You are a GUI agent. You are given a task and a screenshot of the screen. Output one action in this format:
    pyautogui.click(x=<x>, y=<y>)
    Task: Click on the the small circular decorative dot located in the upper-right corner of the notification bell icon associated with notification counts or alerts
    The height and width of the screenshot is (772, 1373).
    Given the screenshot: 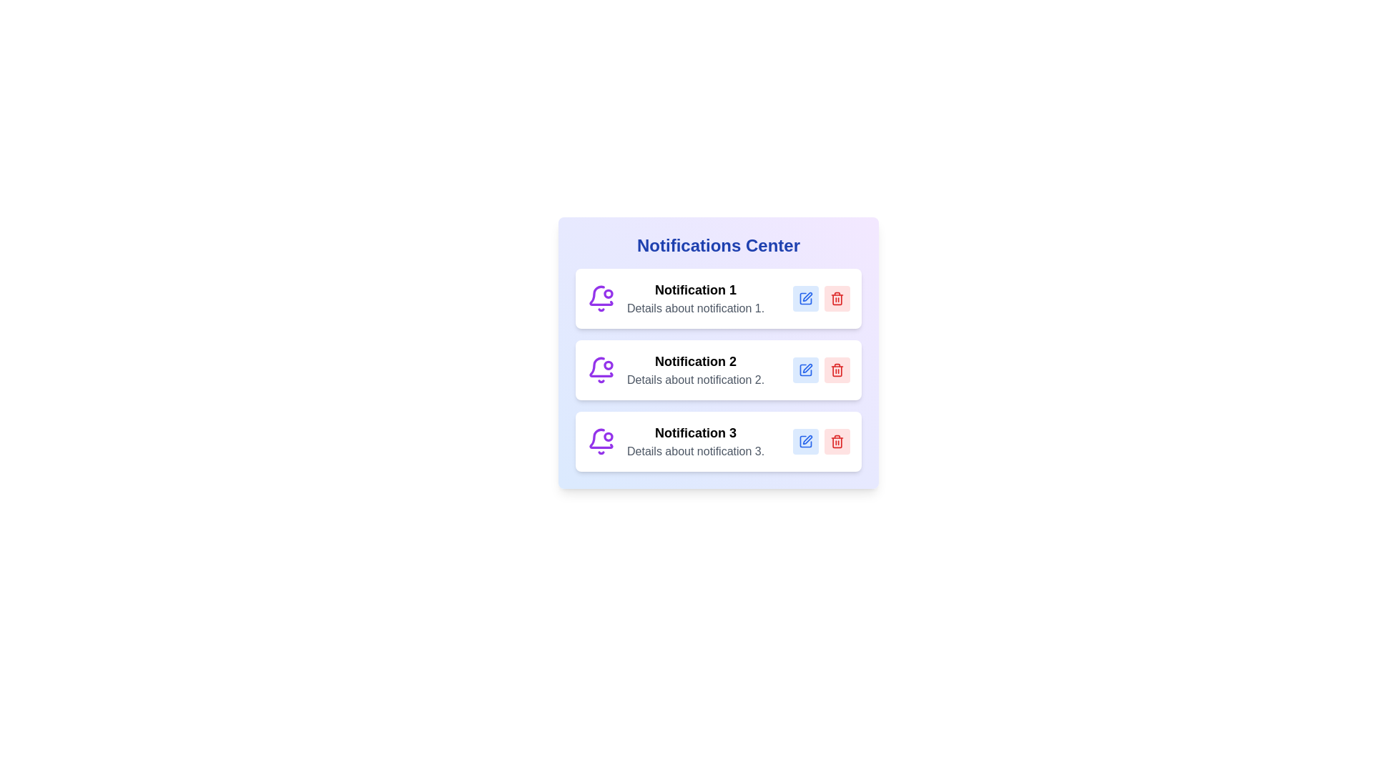 What is the action you would take?
    pyautogui.click(x=608, y=293)
    